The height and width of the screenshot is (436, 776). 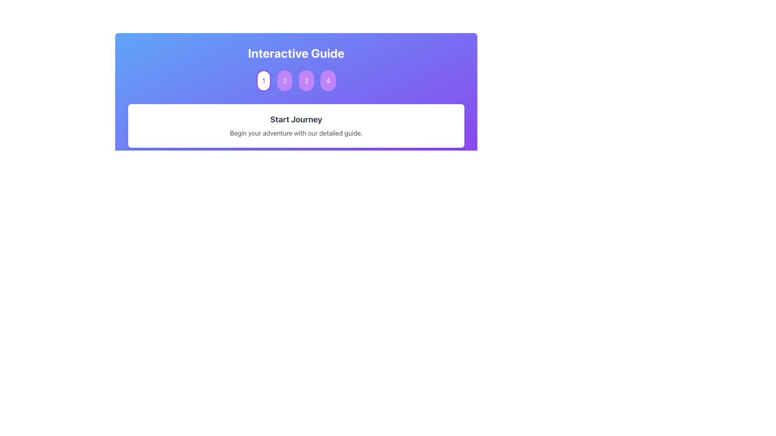 I want to click on the second button in the row of four buttons, positioned beneath the 'Interactive Guide' header, to select the second step or option, so click(x=285, y=81).